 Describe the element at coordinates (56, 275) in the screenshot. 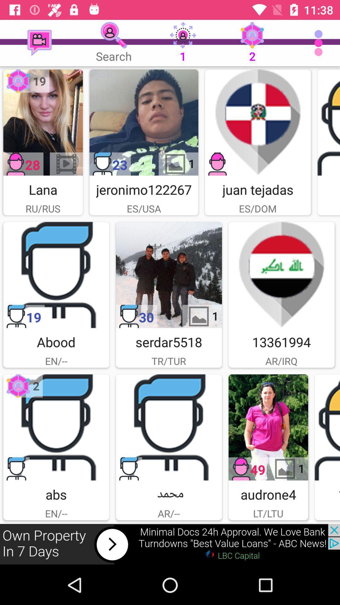

I see `person` at that location.